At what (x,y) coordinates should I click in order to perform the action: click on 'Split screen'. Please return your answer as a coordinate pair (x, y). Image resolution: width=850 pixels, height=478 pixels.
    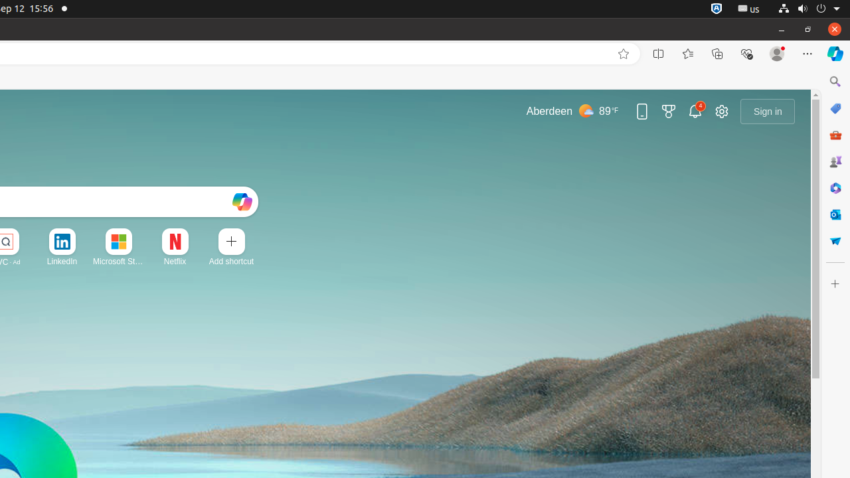
    Looking at the image, I should click on (659, 53).